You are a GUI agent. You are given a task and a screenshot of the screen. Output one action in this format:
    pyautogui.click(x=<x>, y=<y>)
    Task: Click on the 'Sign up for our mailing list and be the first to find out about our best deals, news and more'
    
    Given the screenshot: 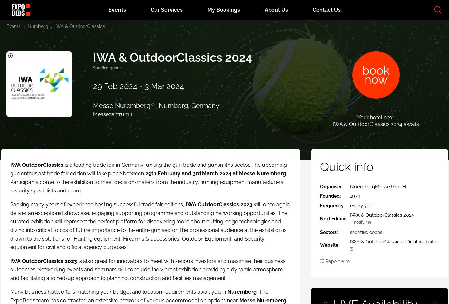 What is the action you would take?
    pyautogui.click(x=356, y=239)
    